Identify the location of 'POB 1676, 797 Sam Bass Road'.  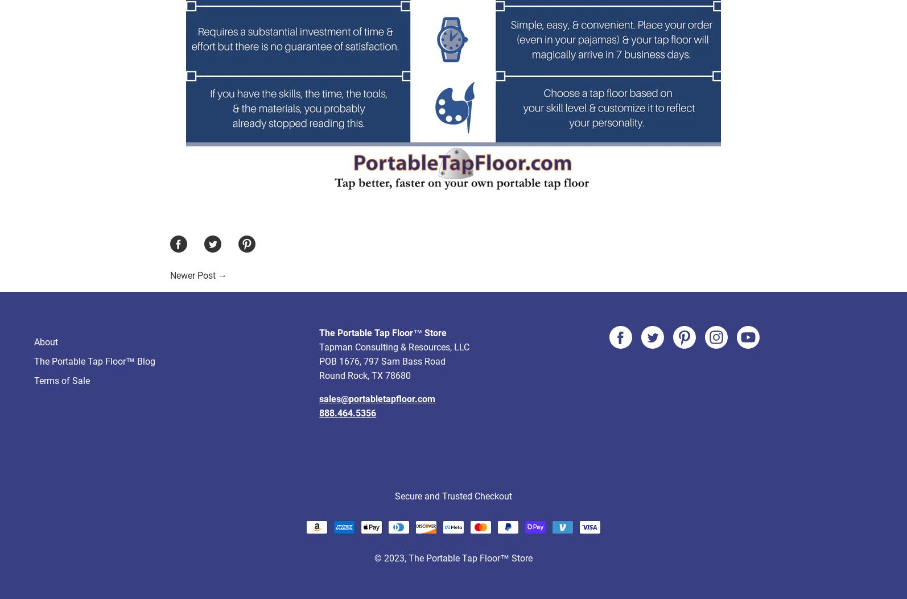
(318, 318).